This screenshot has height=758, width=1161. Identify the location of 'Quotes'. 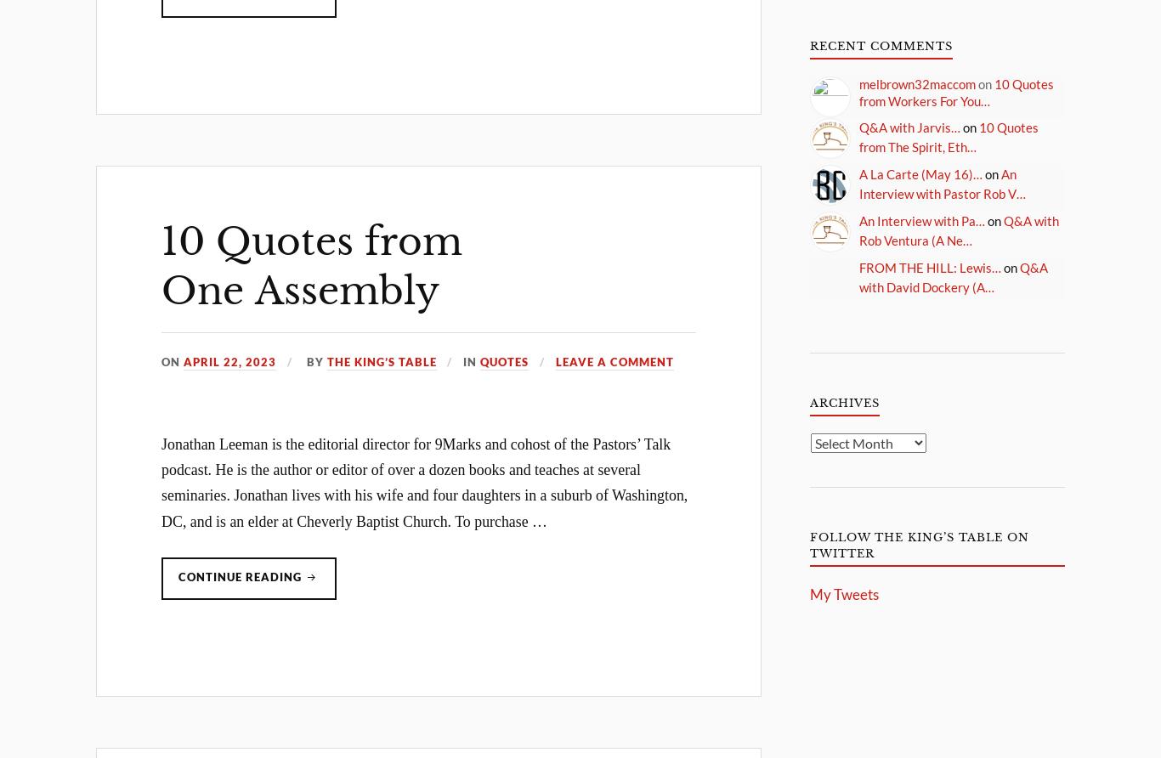
(479, 361).